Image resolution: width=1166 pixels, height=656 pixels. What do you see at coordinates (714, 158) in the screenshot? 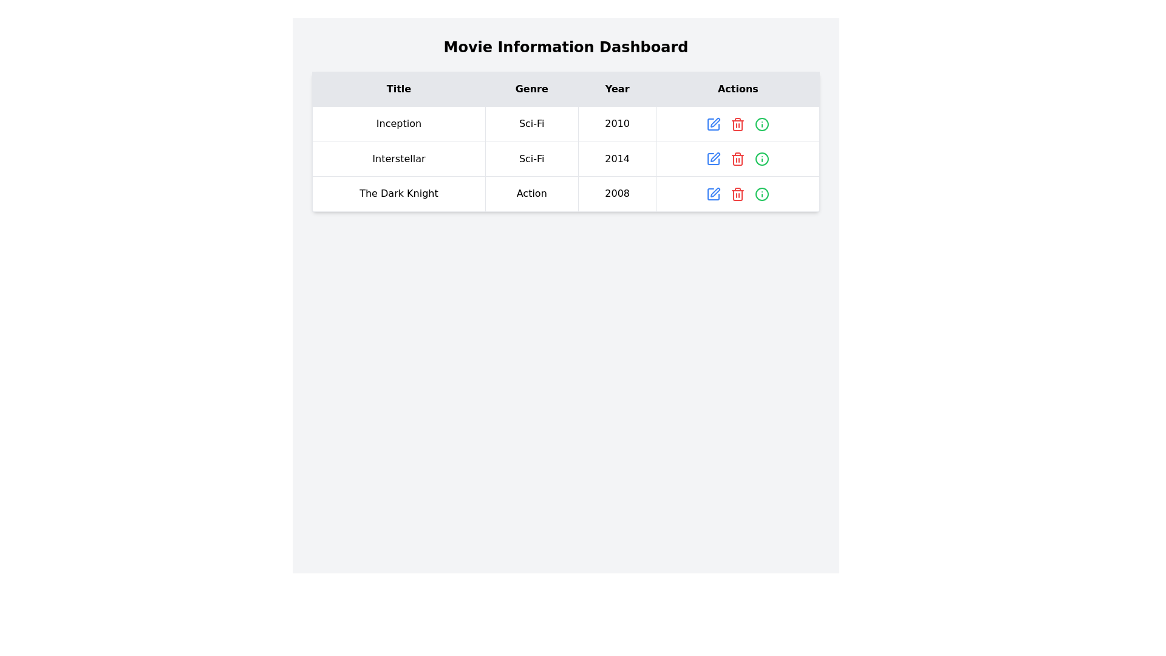
I see `the blue pen icon button located in the second row of the 'Actions' column` at bounding box center [714, 158].